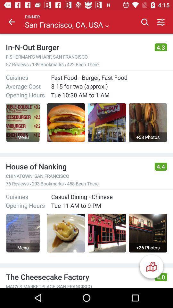 The height and width of the screenshot is (308, 173). I want to click on the casual dining - chinese item, so click(82, 196).